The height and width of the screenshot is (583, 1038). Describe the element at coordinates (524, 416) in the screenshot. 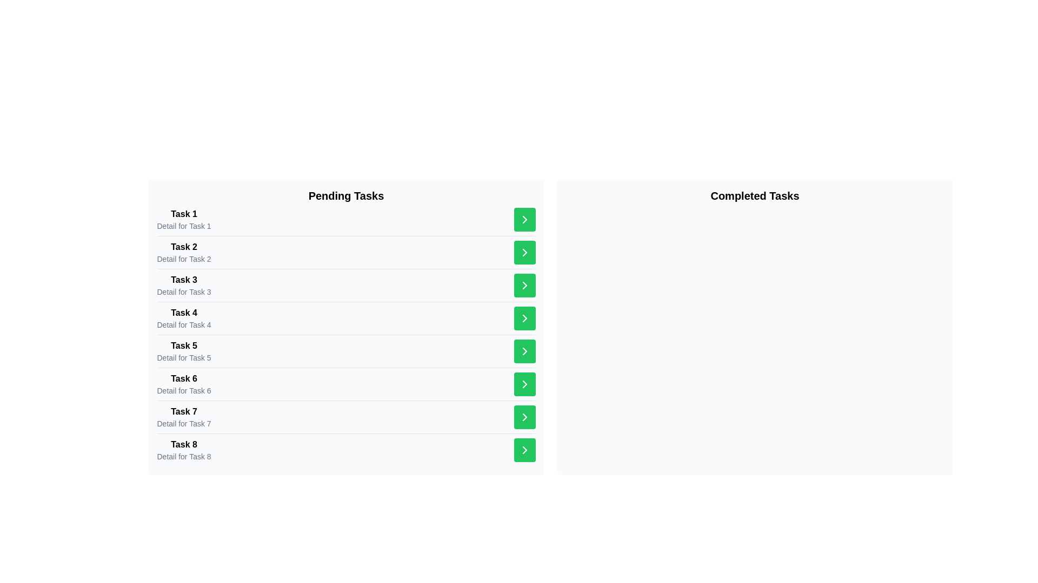

I see `the navigation button for task 8 located in the eighth row of the 'Pending Tasks' list` at that location.